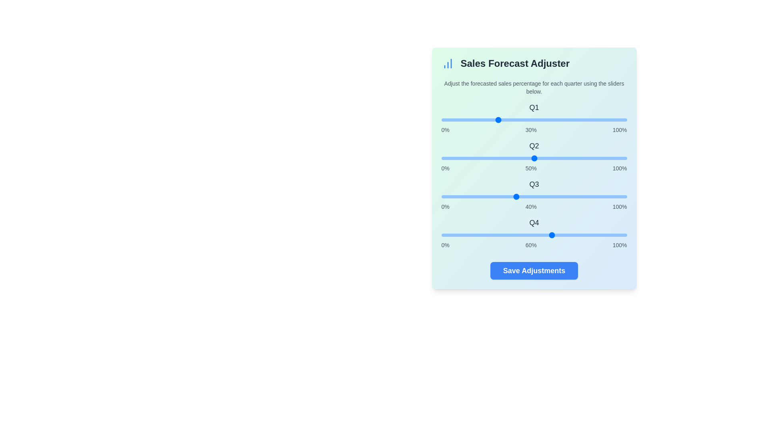  What do you see at coordinates (504, 197) in the screenshot?
I see `the Q3 slider to 34%` at bounding box center [504, 197].